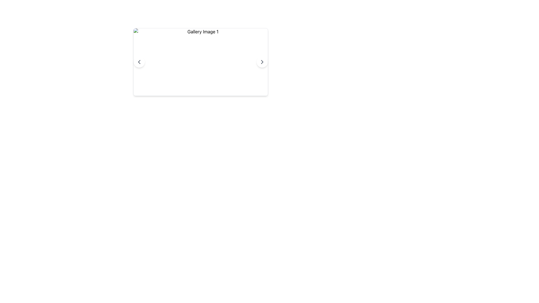 Image resolution: width=539 pixels, height=303 pixels. Describe the element at coordinates (201, 66) in the screenshot. I see `the navigation dots below the image gallery viewer to change the displayed image` at that location.